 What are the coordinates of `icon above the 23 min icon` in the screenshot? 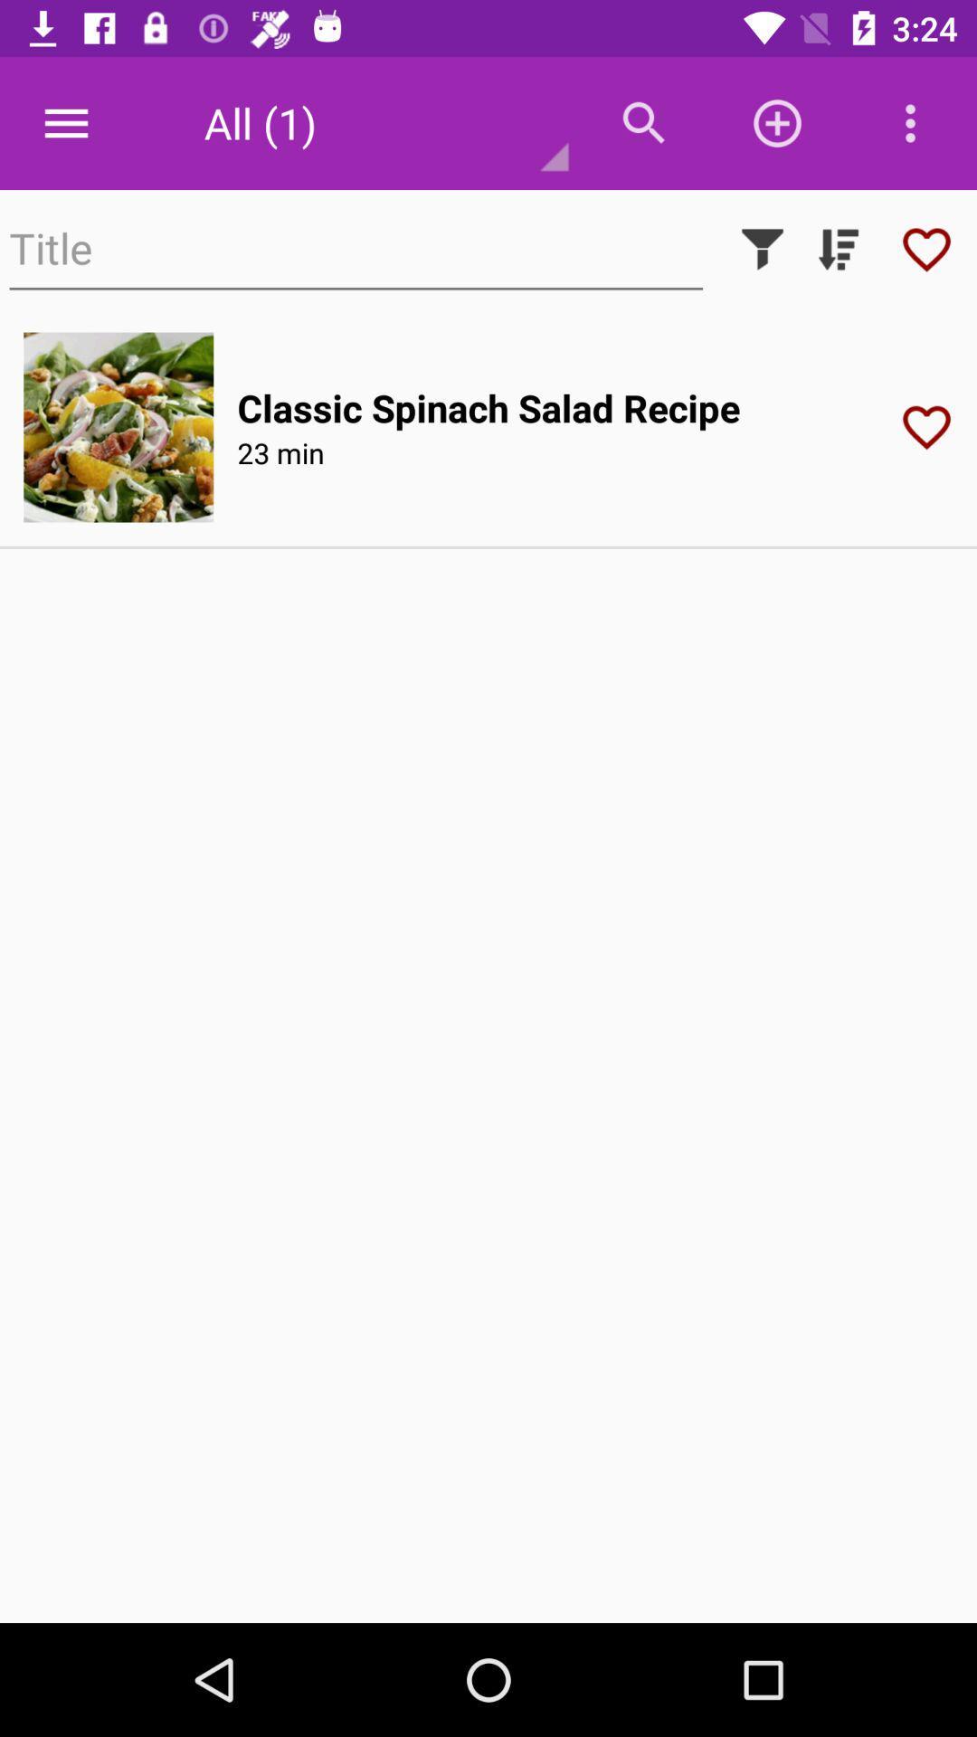 It's located at (488, 406).